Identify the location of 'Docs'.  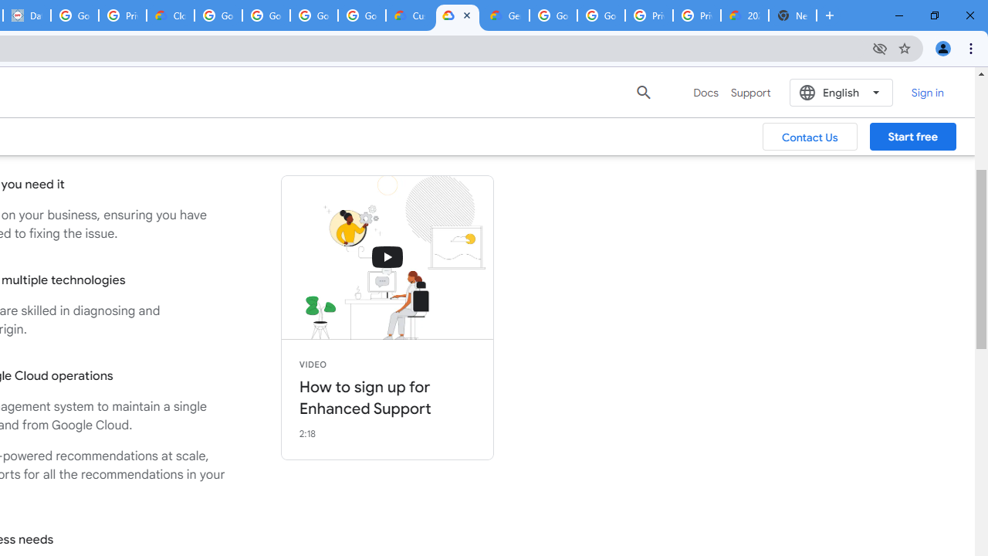
(705, 92).